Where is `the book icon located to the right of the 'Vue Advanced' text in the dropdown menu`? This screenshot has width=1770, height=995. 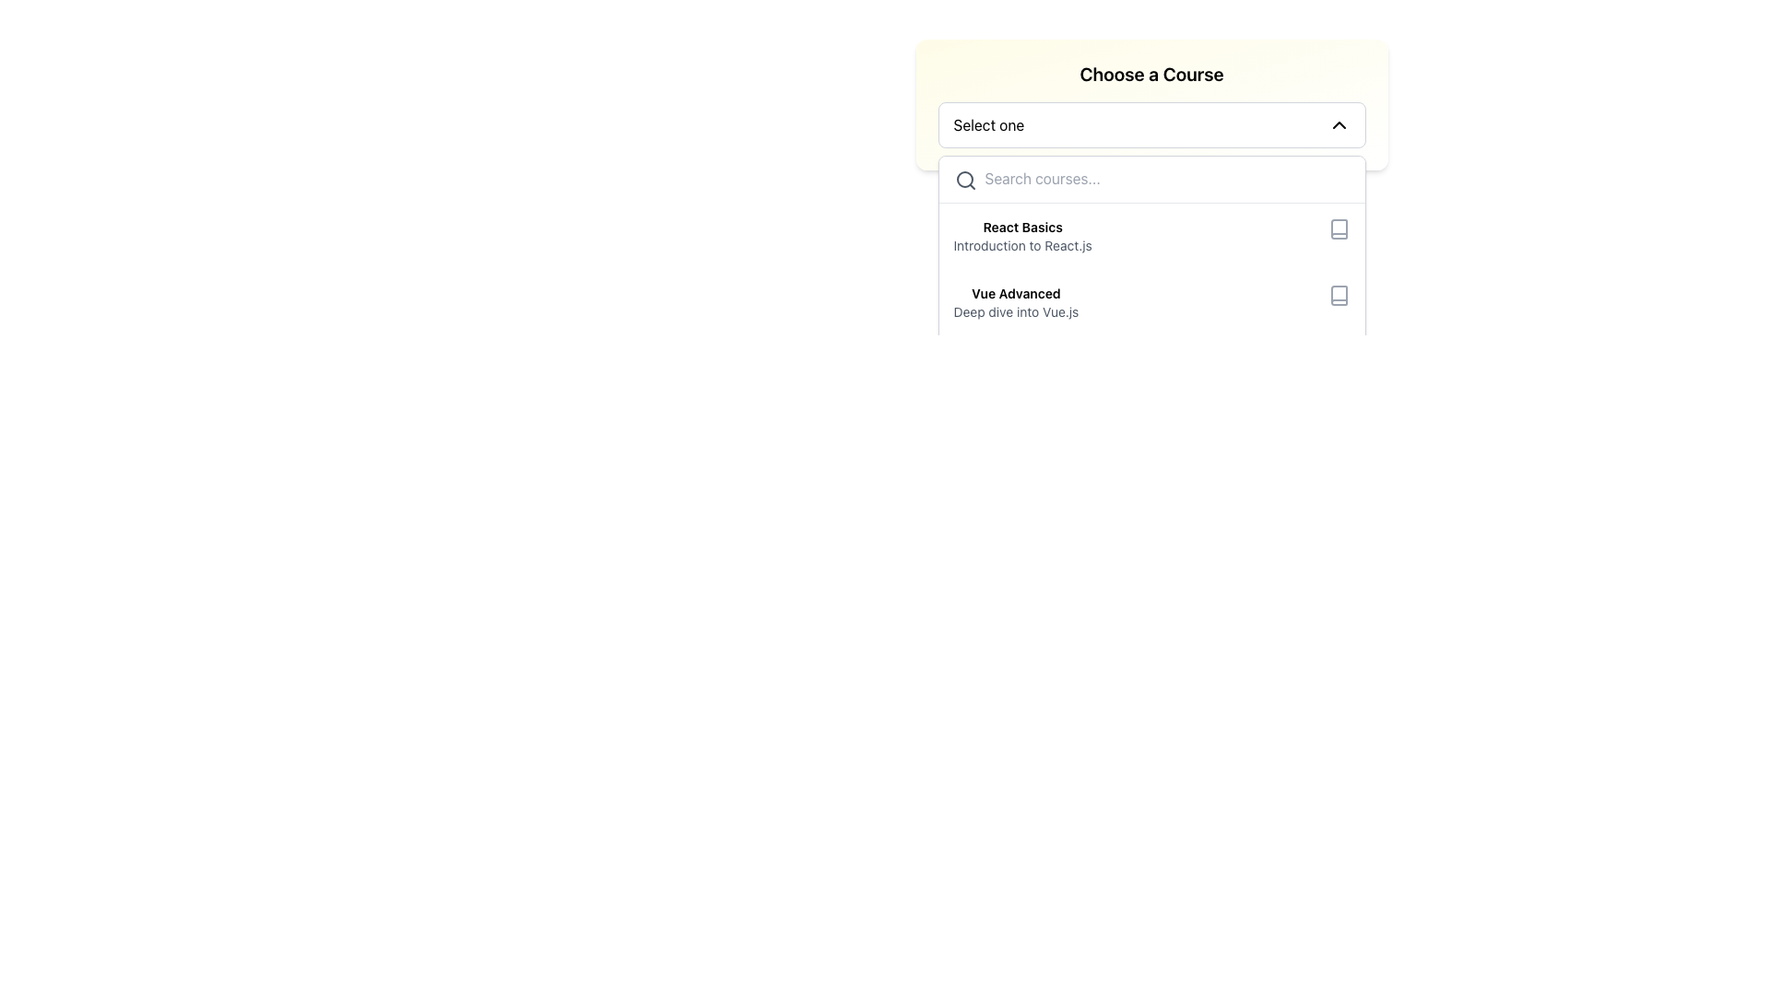 the book icon located to the right of the 'Vue Advanced' text in the dropdown menu is located at coordinates (1339, 294).